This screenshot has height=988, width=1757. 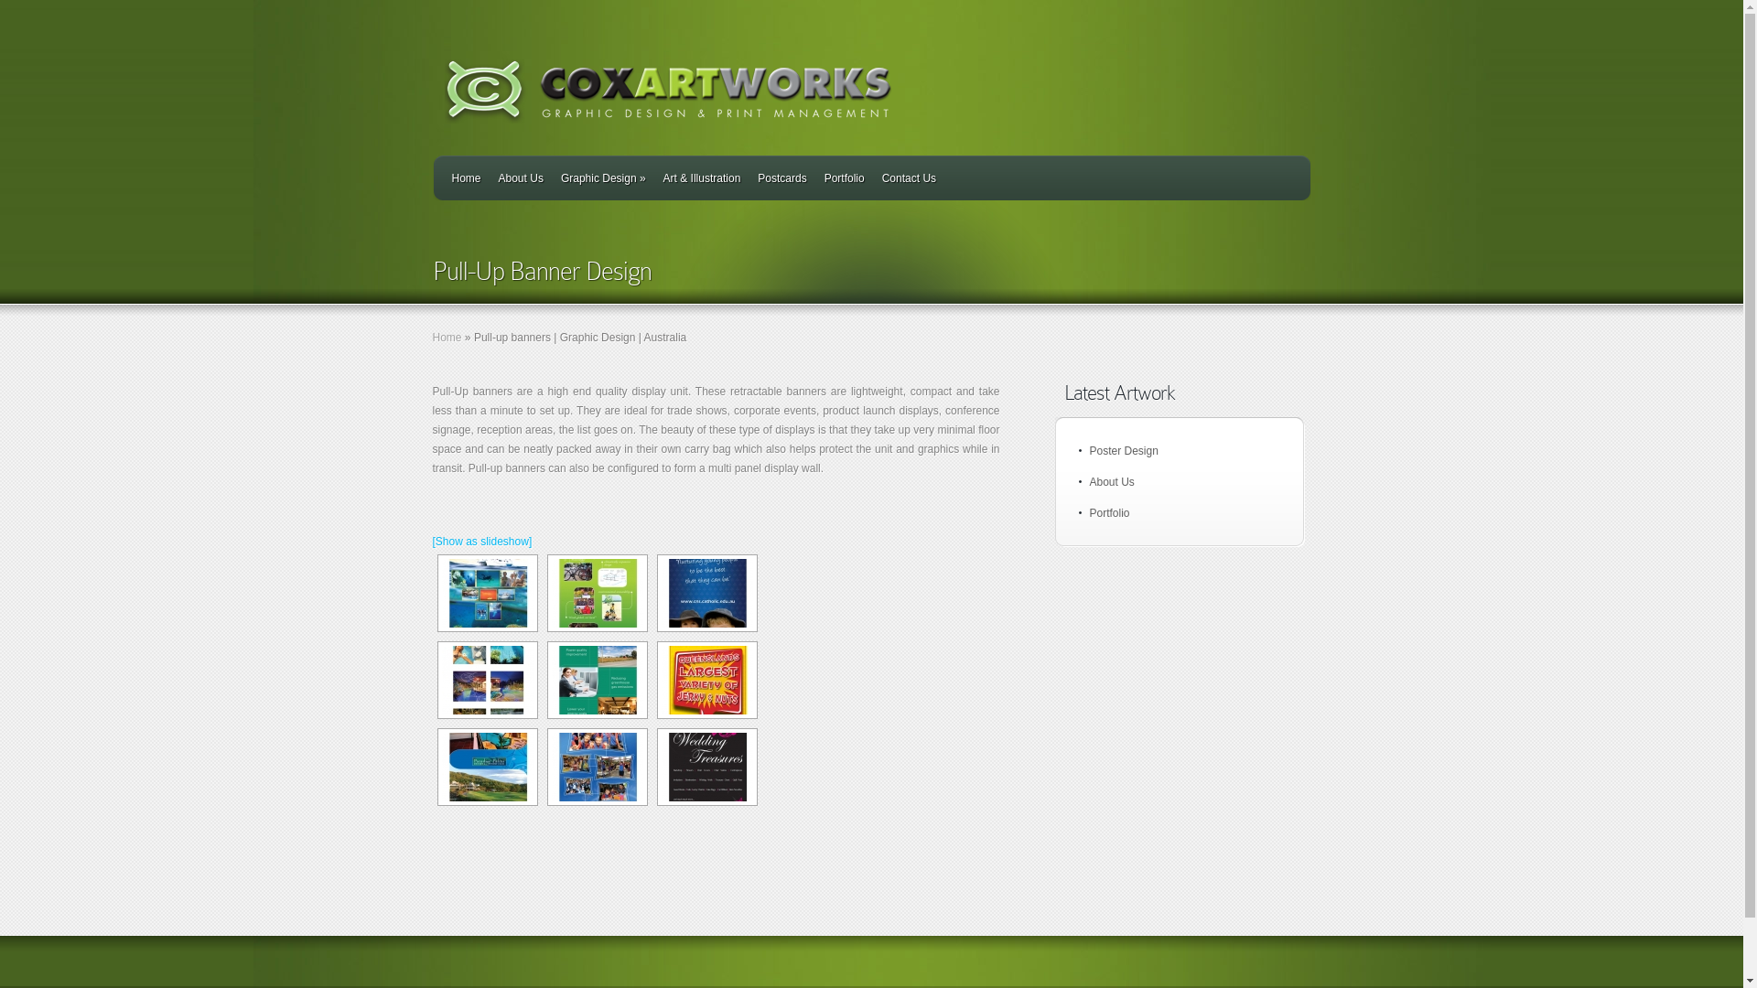 What do you see at coordinates (487, 680) in the screenshot?
I see `'EcosplashBannerstand1'` at bounding box center [487, 680].